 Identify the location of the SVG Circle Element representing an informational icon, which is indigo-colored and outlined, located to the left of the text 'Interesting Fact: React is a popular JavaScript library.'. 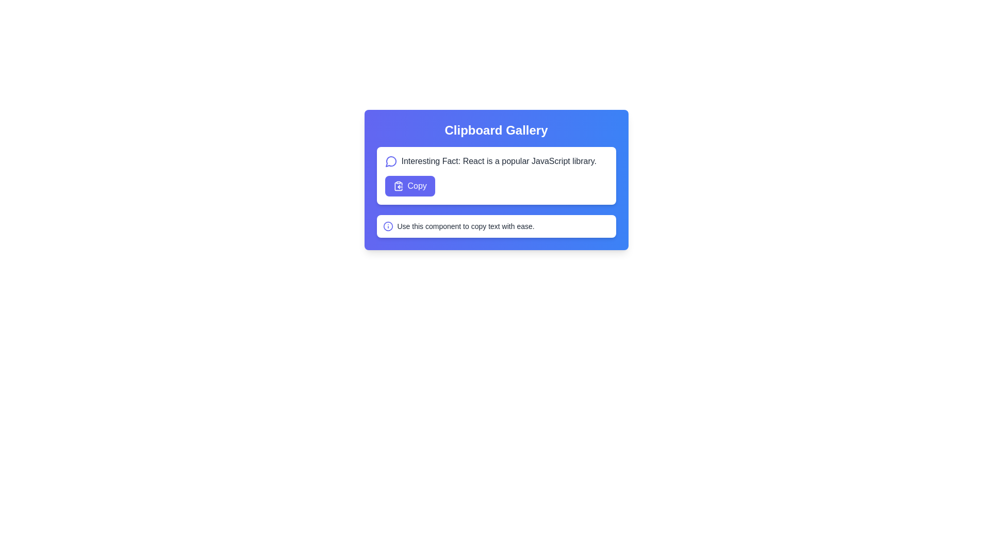
(387, 226).